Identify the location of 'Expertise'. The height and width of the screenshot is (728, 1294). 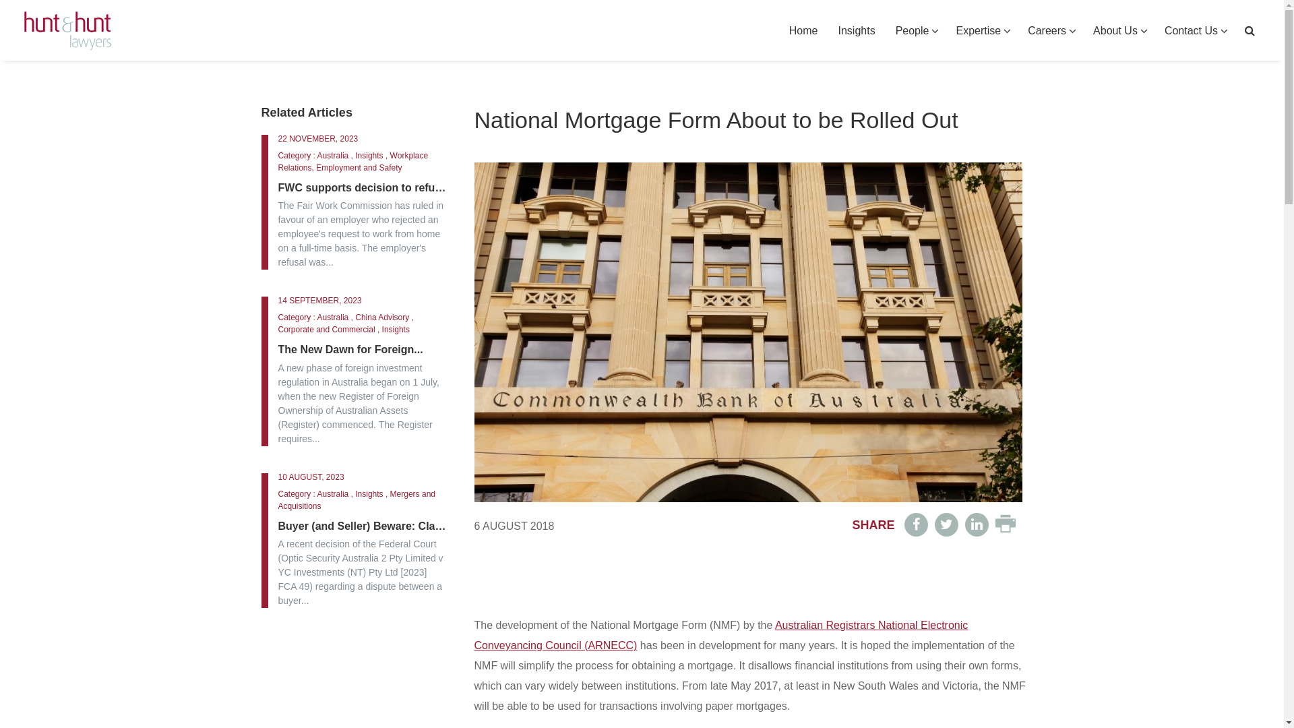
(981, 30).